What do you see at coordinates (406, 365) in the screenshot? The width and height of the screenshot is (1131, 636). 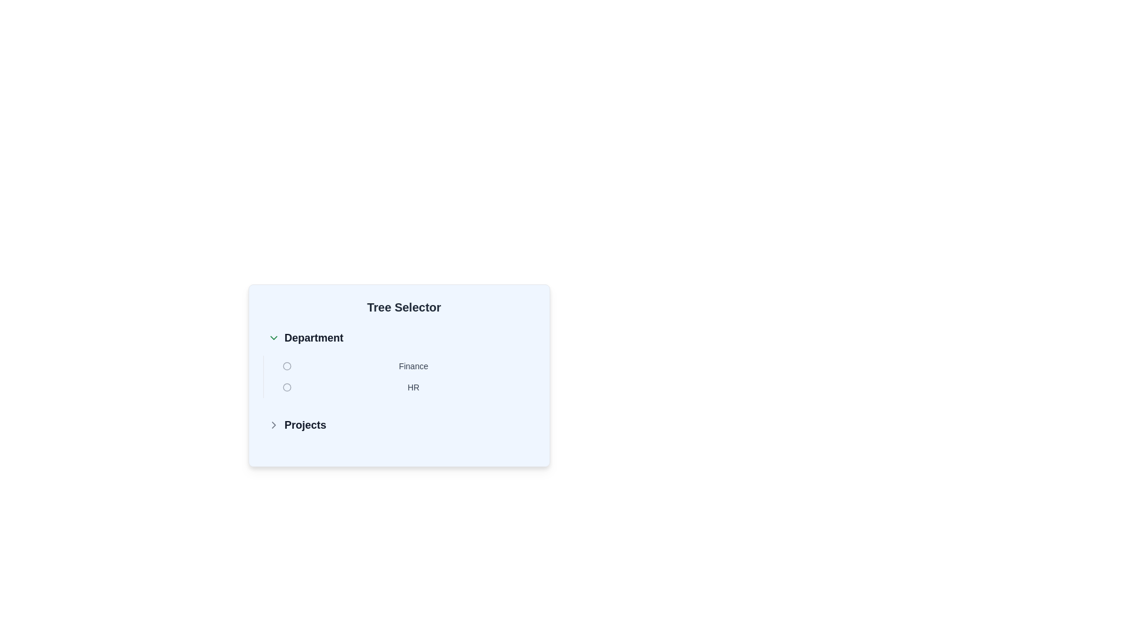 I see `the selectable option labeled 'Finance'` at bounding box center [406, 365].